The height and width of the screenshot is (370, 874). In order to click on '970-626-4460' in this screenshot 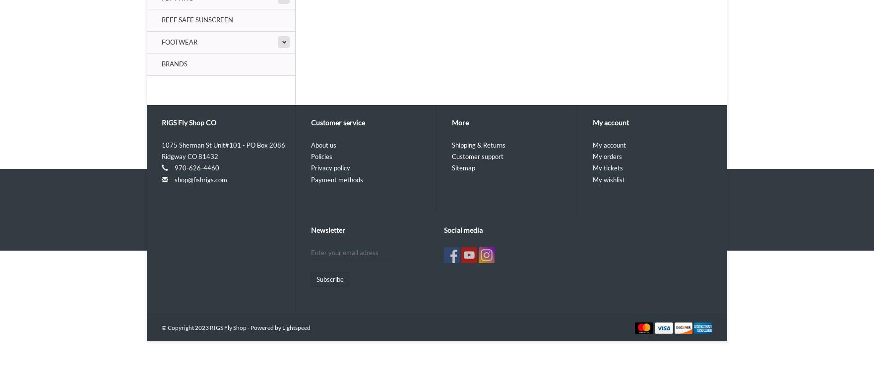, I will do `click(196, 167)`.